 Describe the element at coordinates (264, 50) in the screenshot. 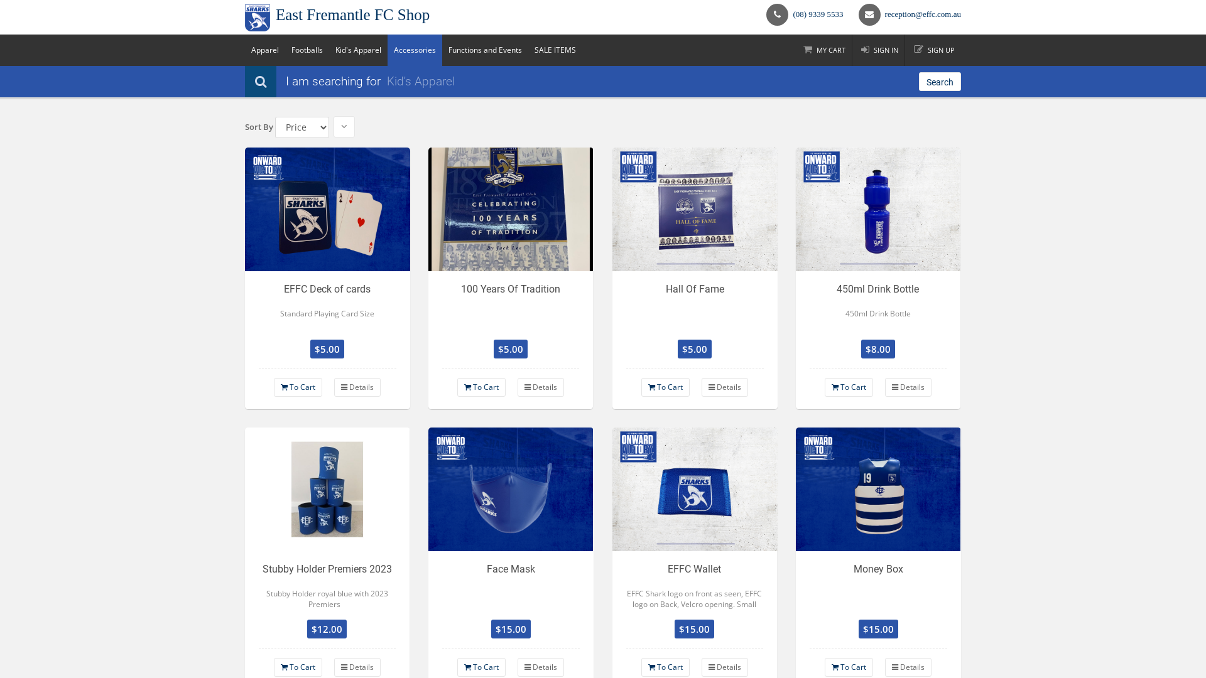

I see `'Apparel'` at that location.